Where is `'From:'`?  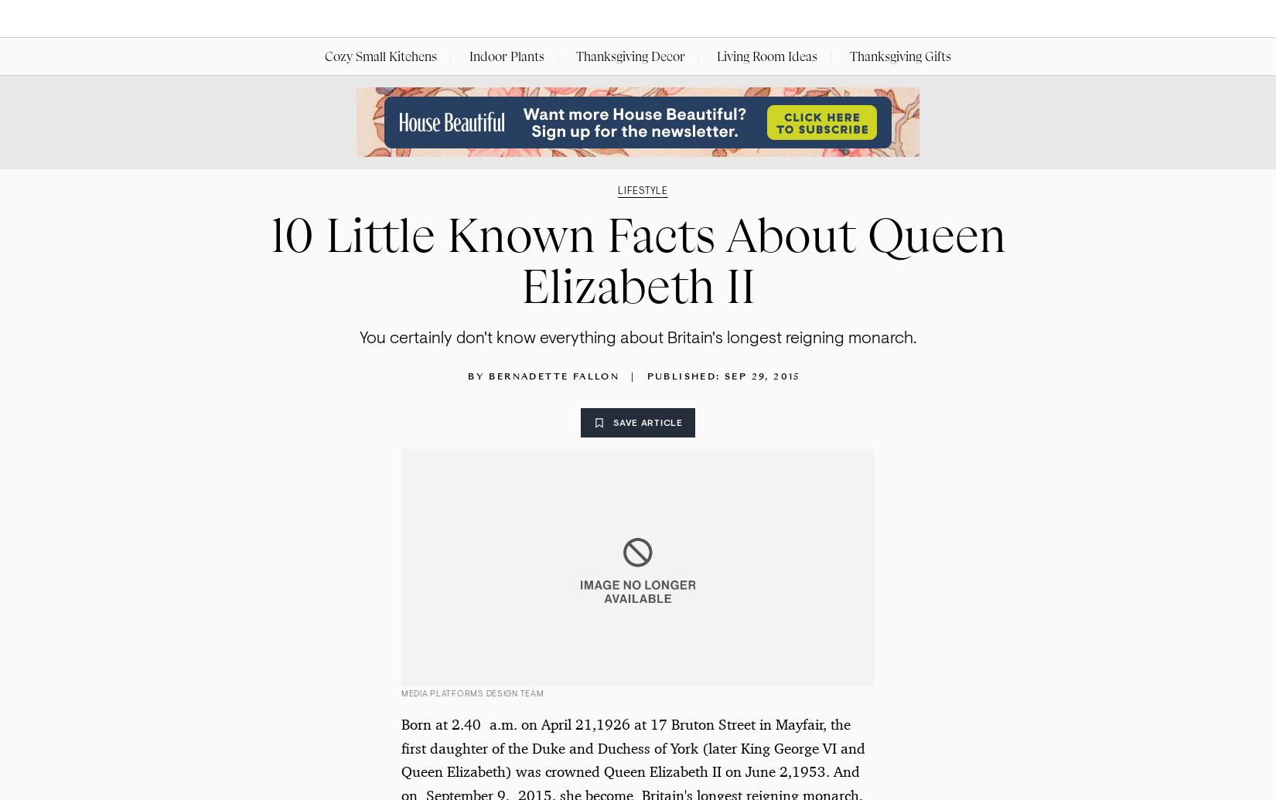 'From:' is located at coordinates (419, 120).